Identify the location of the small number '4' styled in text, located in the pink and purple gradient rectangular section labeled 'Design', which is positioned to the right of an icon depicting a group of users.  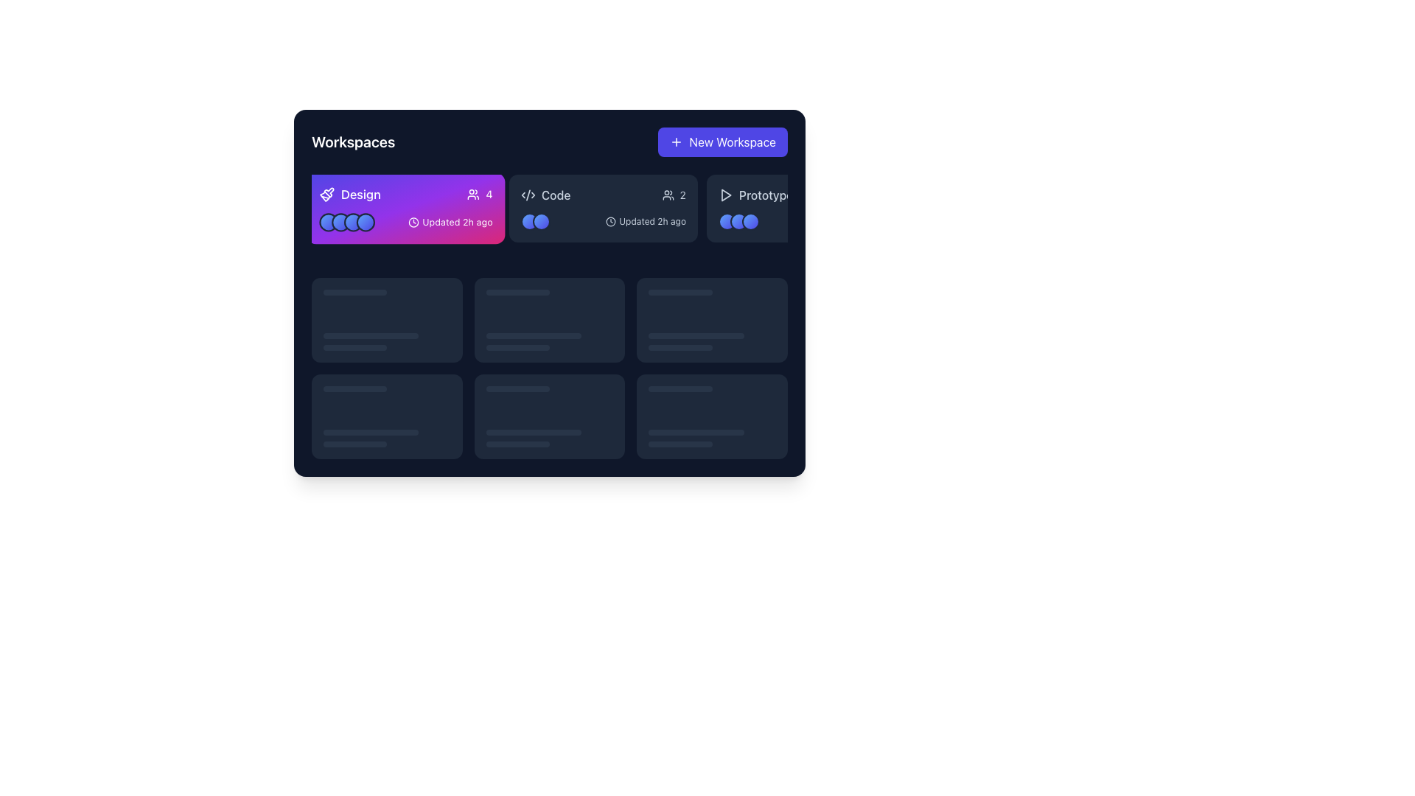
(489, 194).